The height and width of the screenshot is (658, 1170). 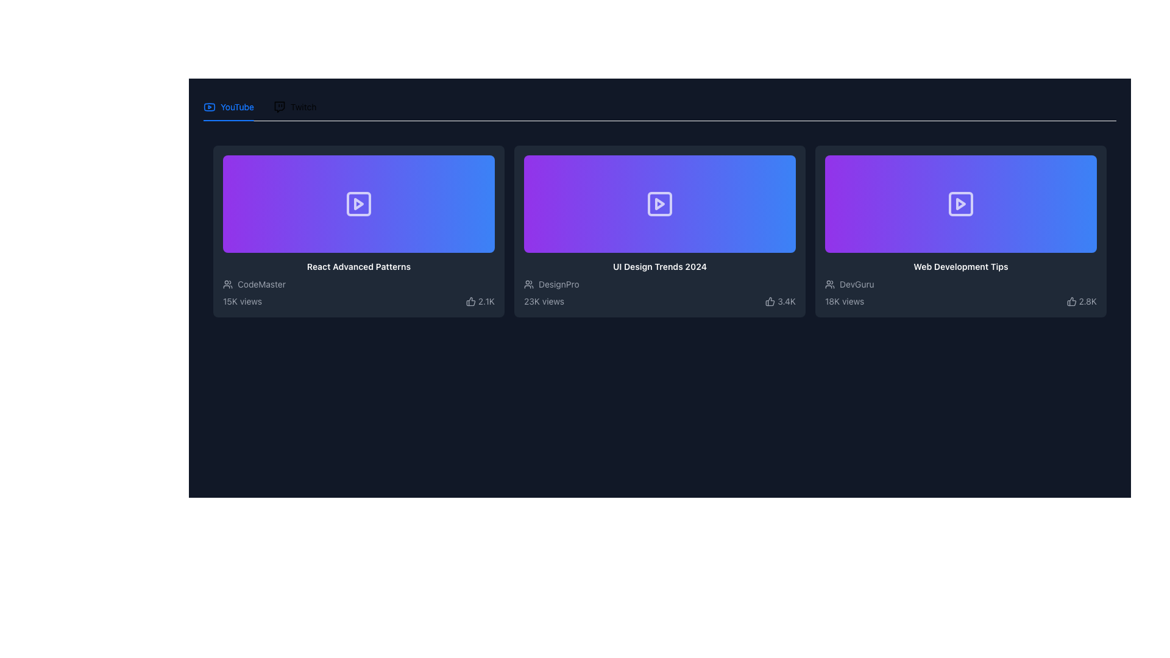 I want to click on the 'YouTube' tab in the Tablist UI component to keep it selected, as it is currently highlighted with a blue underline and bold styling, so click(x=659, y=107).